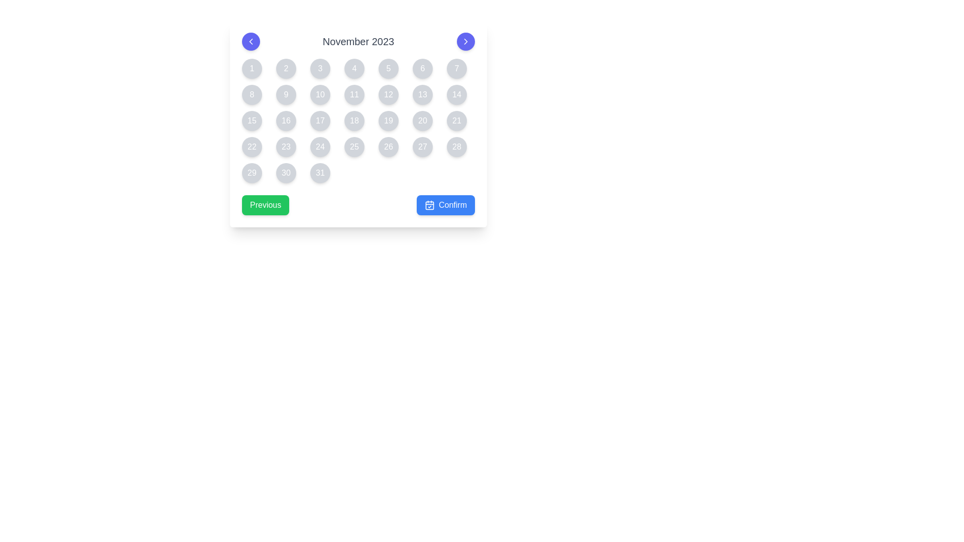 The height and width of the screenshot is (542, 964). I want to click on the calendar day button representing the 15th of the month, so click(252, 120).